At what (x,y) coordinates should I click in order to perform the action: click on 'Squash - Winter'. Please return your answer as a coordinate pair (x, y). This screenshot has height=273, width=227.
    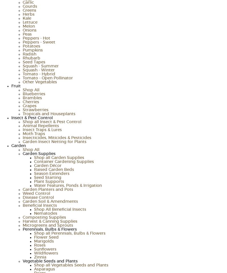
    Looking at the image, I should click on (39, 69).